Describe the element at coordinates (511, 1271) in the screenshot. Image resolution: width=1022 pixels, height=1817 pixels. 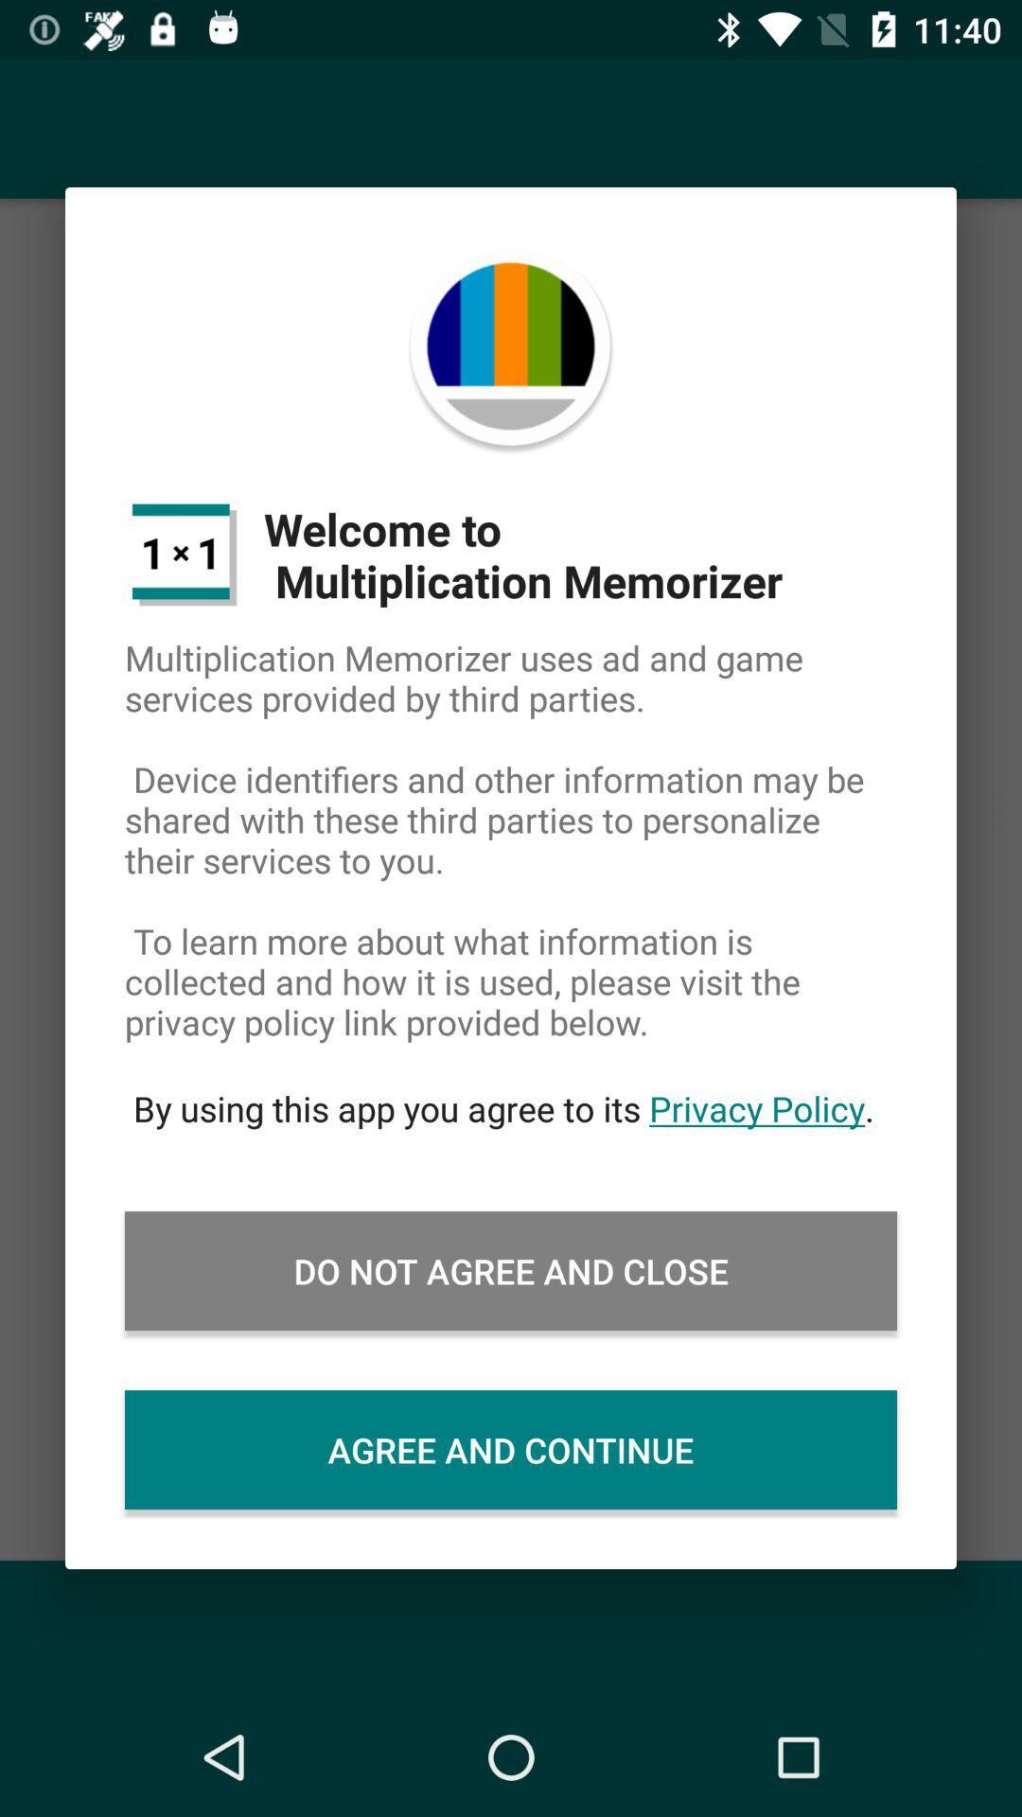
I see `item below by using this` at that location.